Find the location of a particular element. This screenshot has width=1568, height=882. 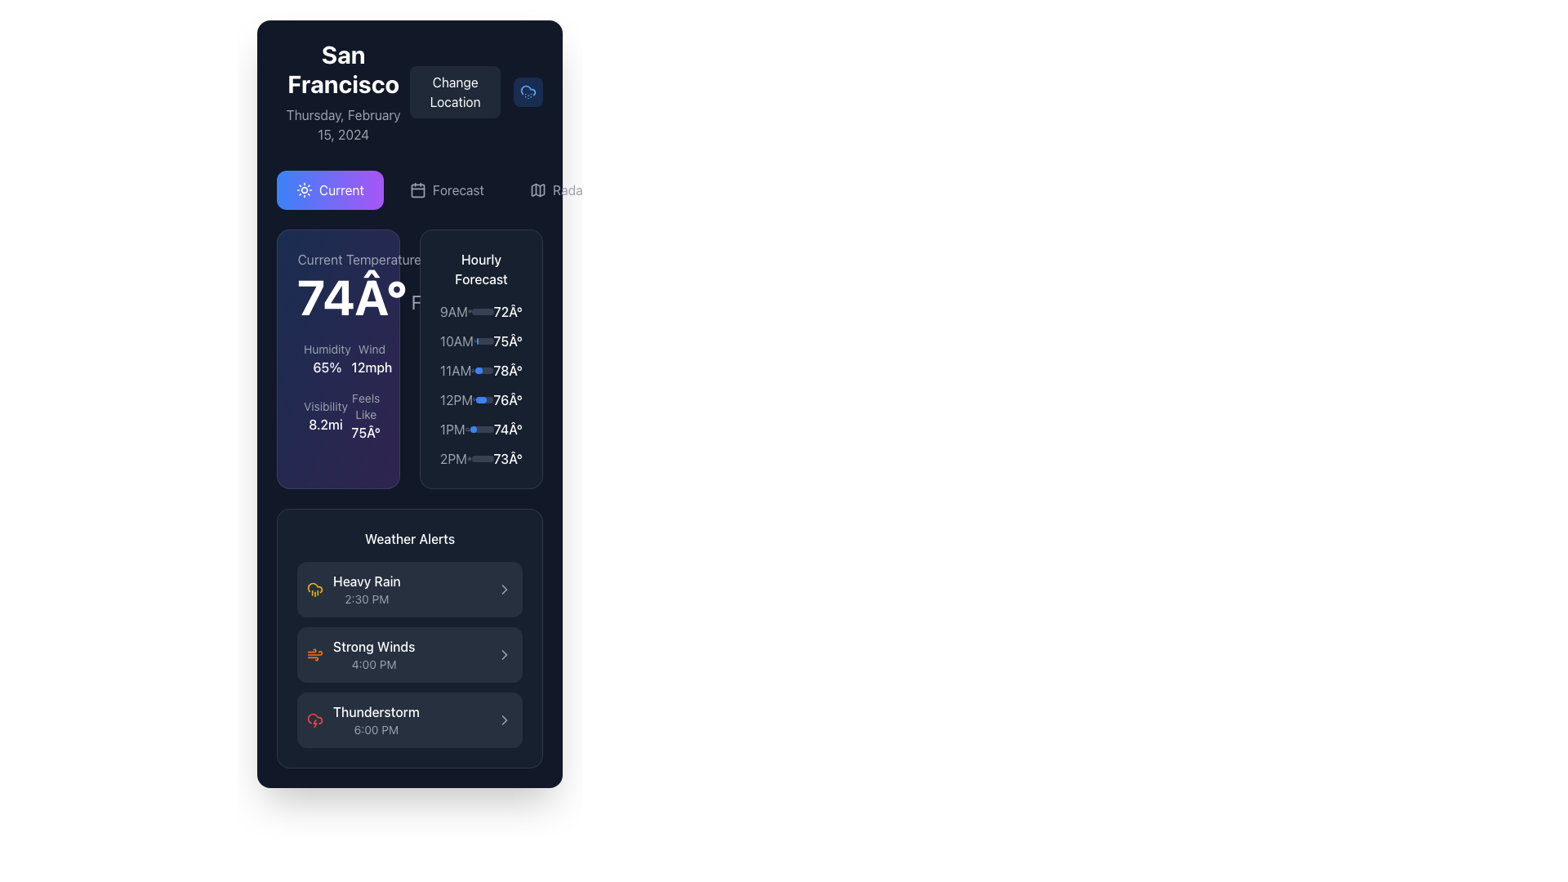

the small weather-related icon representing a cloud with lightning, located to the left of the 'Alerts' text is located at coordinates (640, 189).